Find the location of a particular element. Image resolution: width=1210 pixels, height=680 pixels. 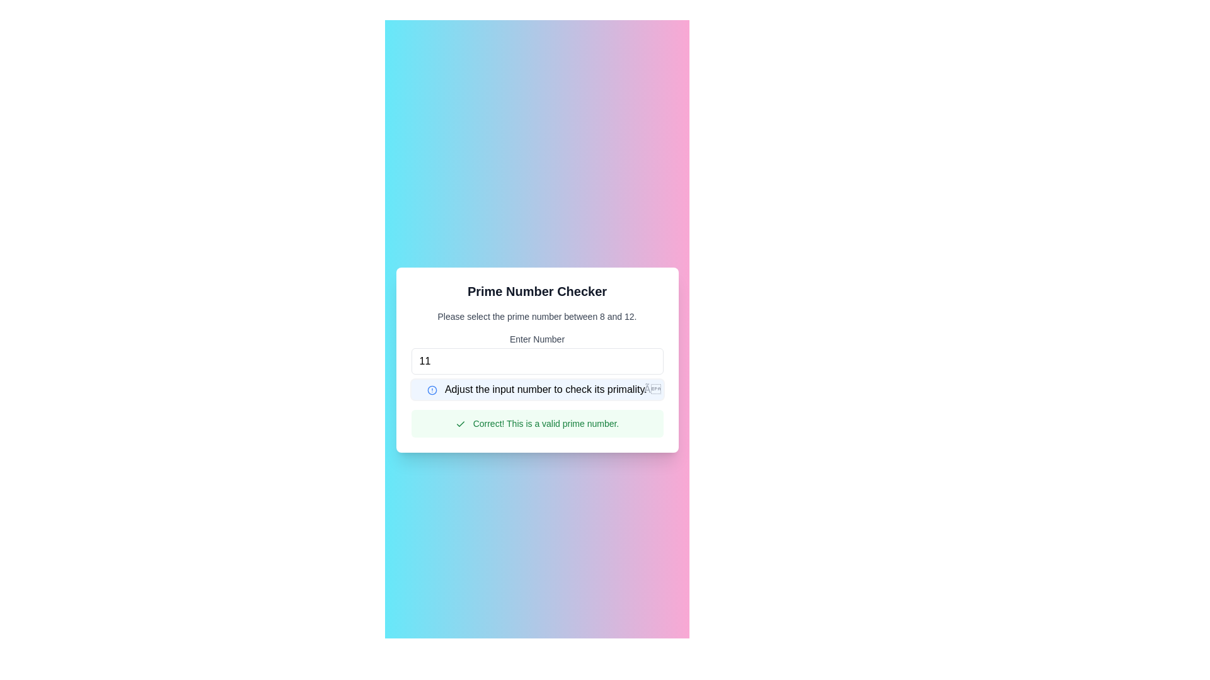

the button represented by the text '×' in gray font located at the top right corner of the notification message box is located at coordinates (652, 388).